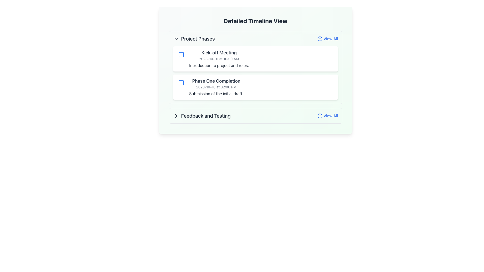  Describe the element at coordinates (216, 81) in the screenshot. I see `the text label displaying 'Phase One Completion' which is part of the timeline entry in the 'Project Phases' section` at that location.